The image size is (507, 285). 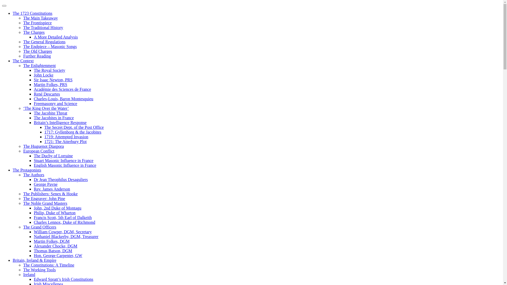 I want to click on 'The Traditional History', so click(x=43, y=27).